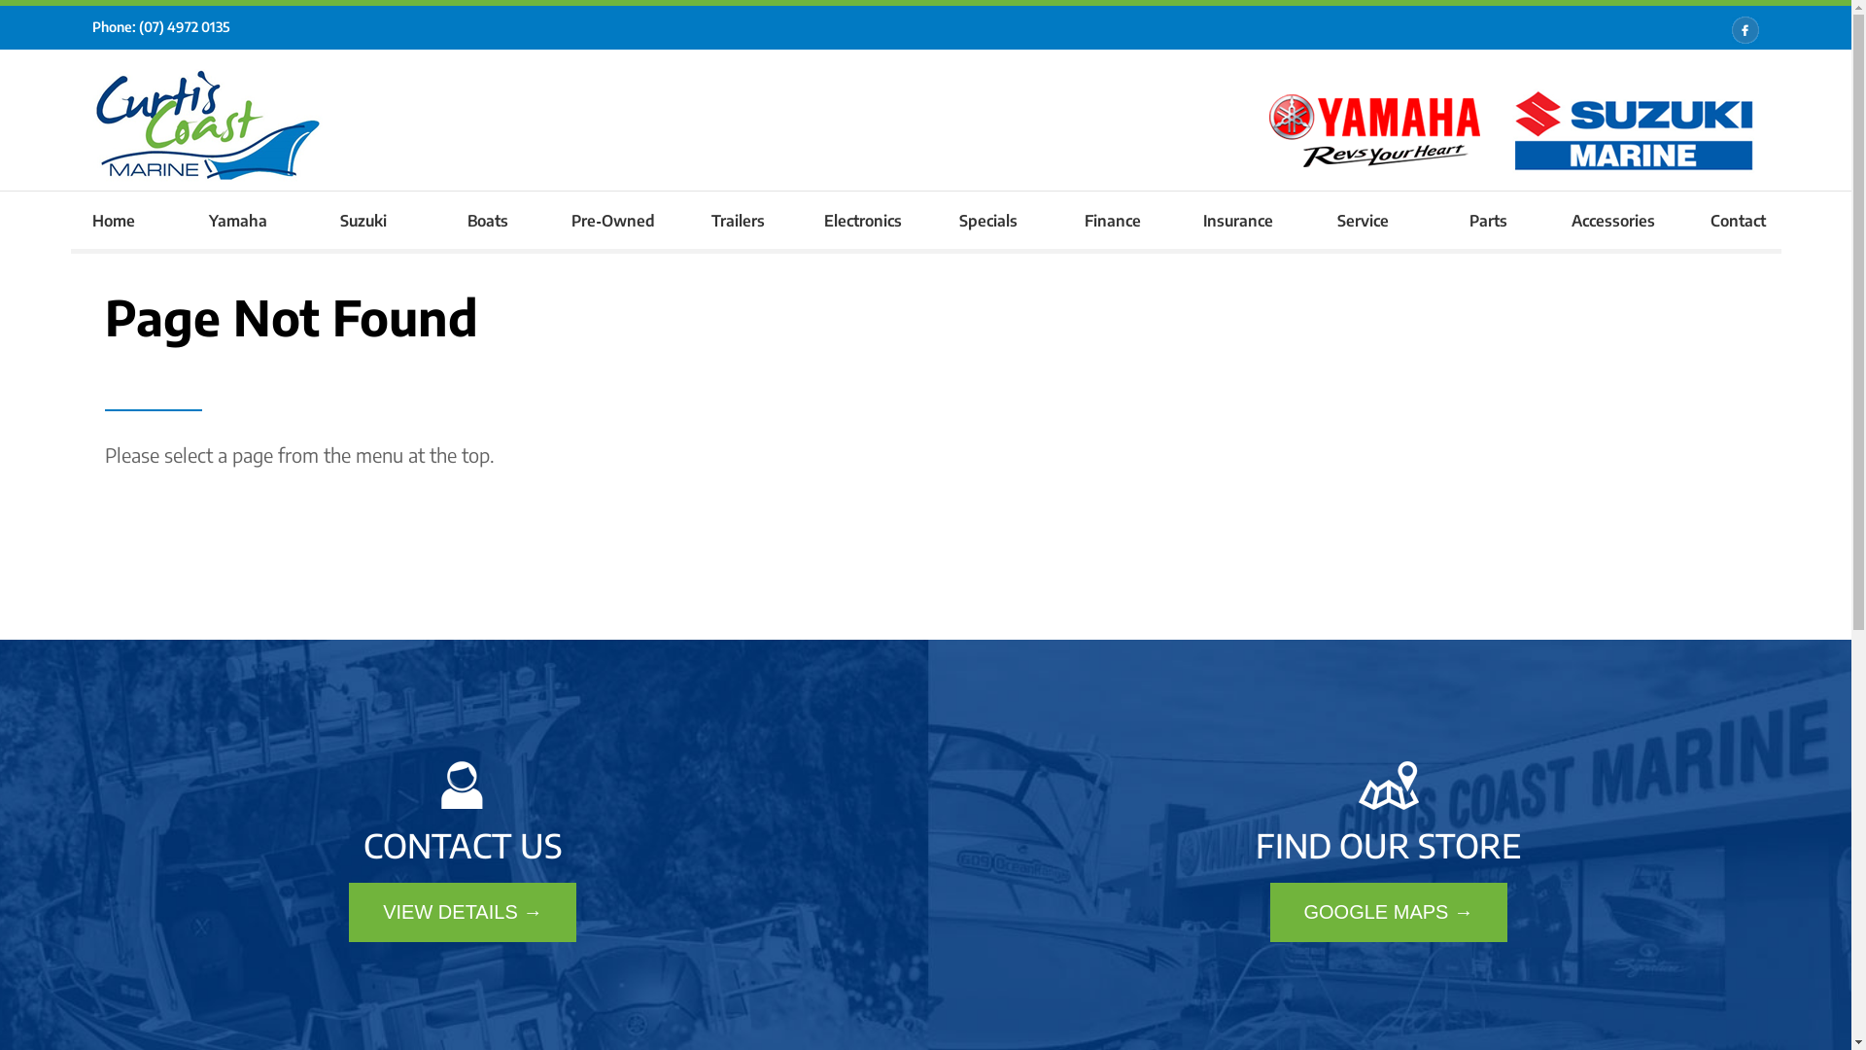  I want to click on 'Insurance', so click(1237, 219).